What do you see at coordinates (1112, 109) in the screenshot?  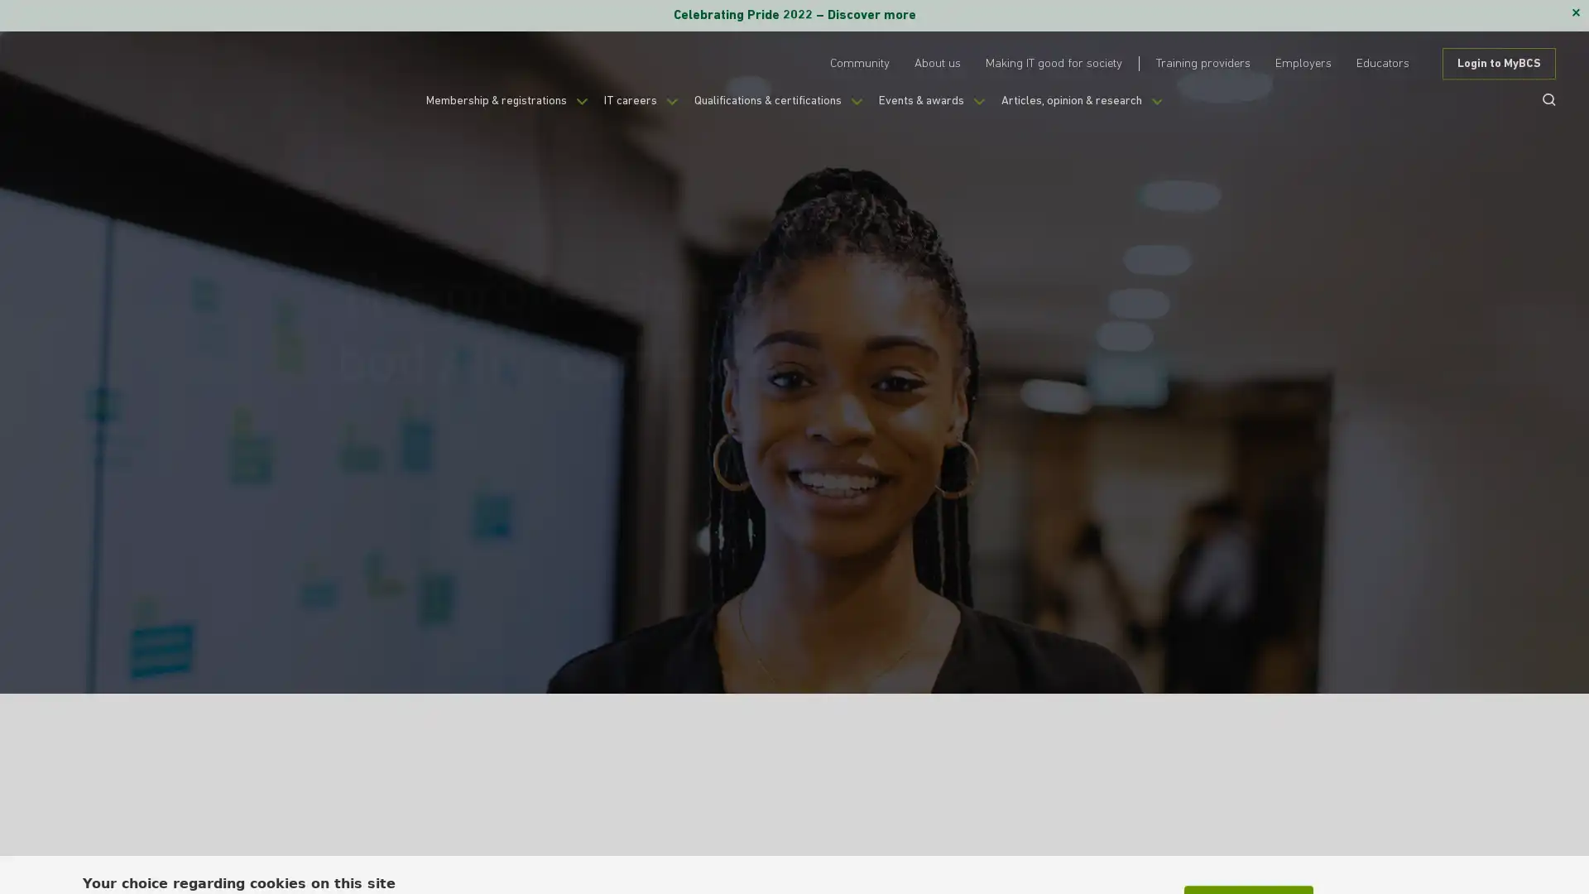 I see `Articles, opinion & research` at bounding box center [1112, 109].